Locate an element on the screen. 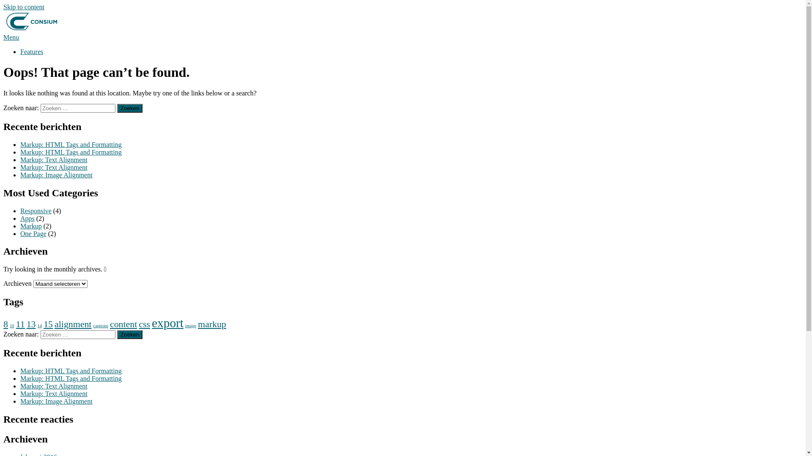  'export' is located at coordinates (152, 323).